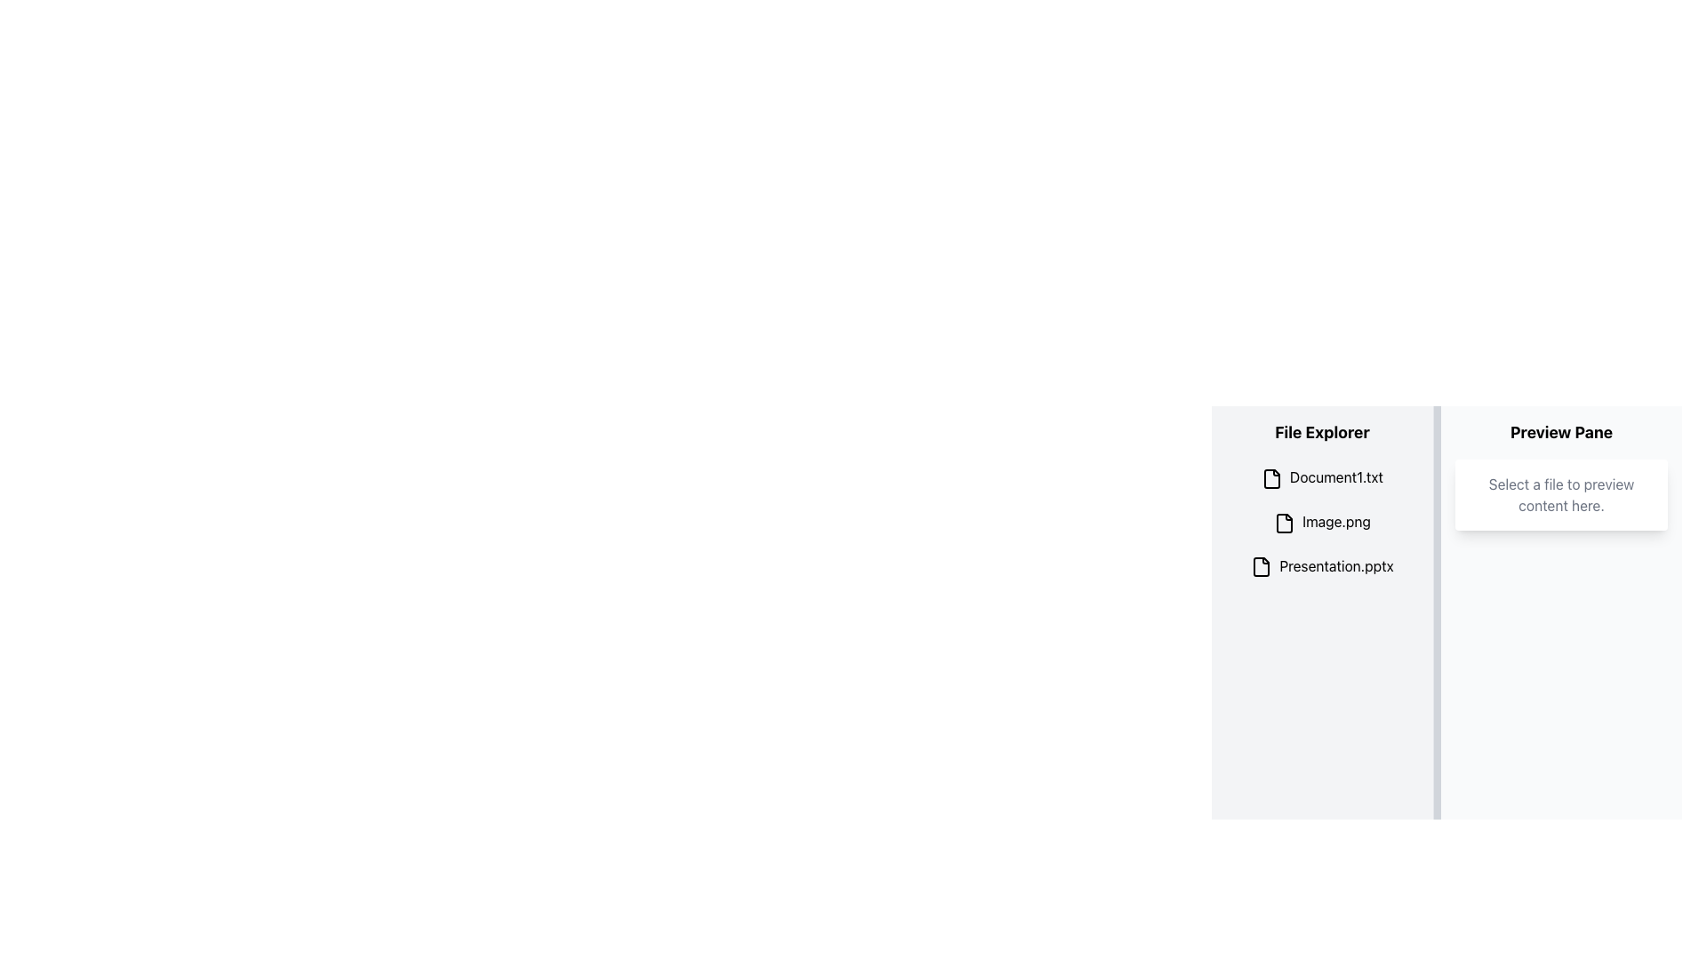  Describe the element at coordinates (1322, 432) in the screenshot. I see `the text label that serves as a title for the File Explorer section, located at the top-left corner of the section` at that location.